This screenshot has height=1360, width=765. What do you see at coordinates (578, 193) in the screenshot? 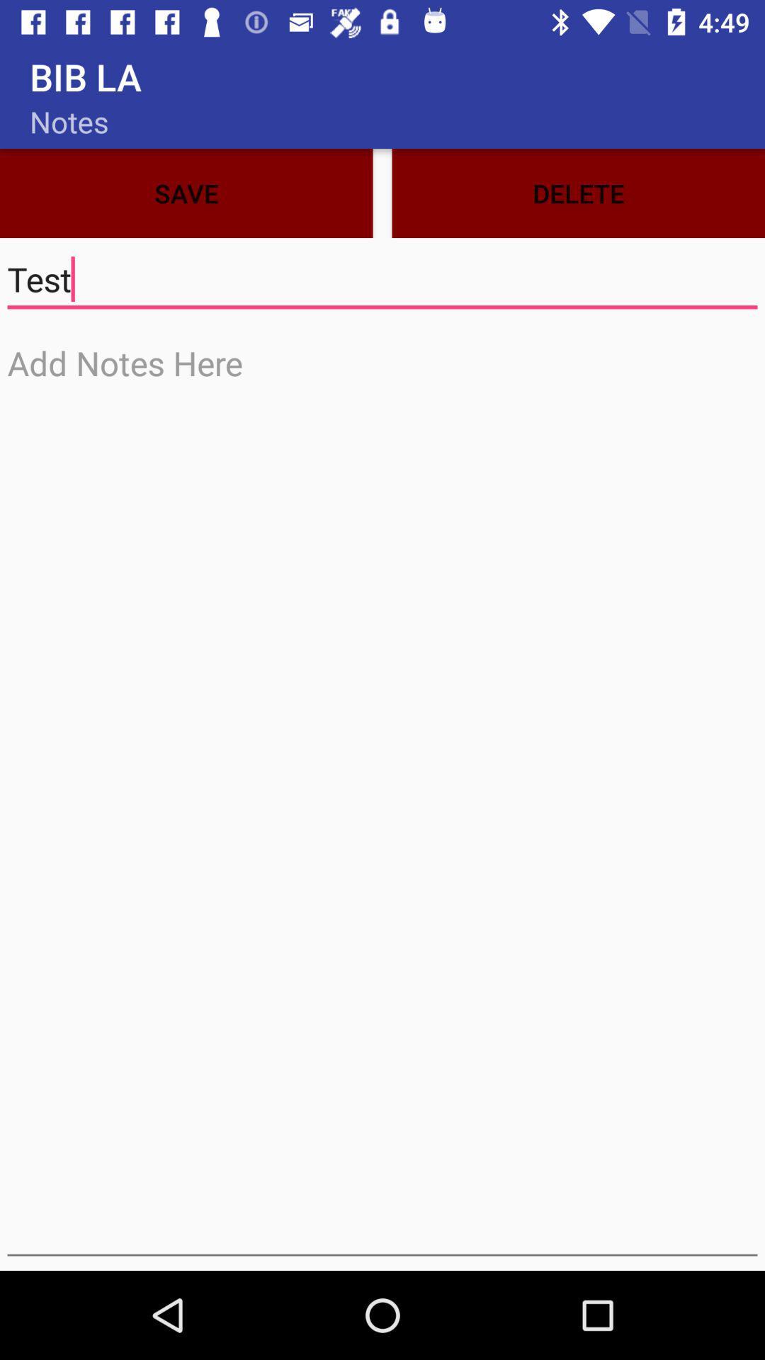
I see `icon next to the save icon` at bounding box center [578, 193].